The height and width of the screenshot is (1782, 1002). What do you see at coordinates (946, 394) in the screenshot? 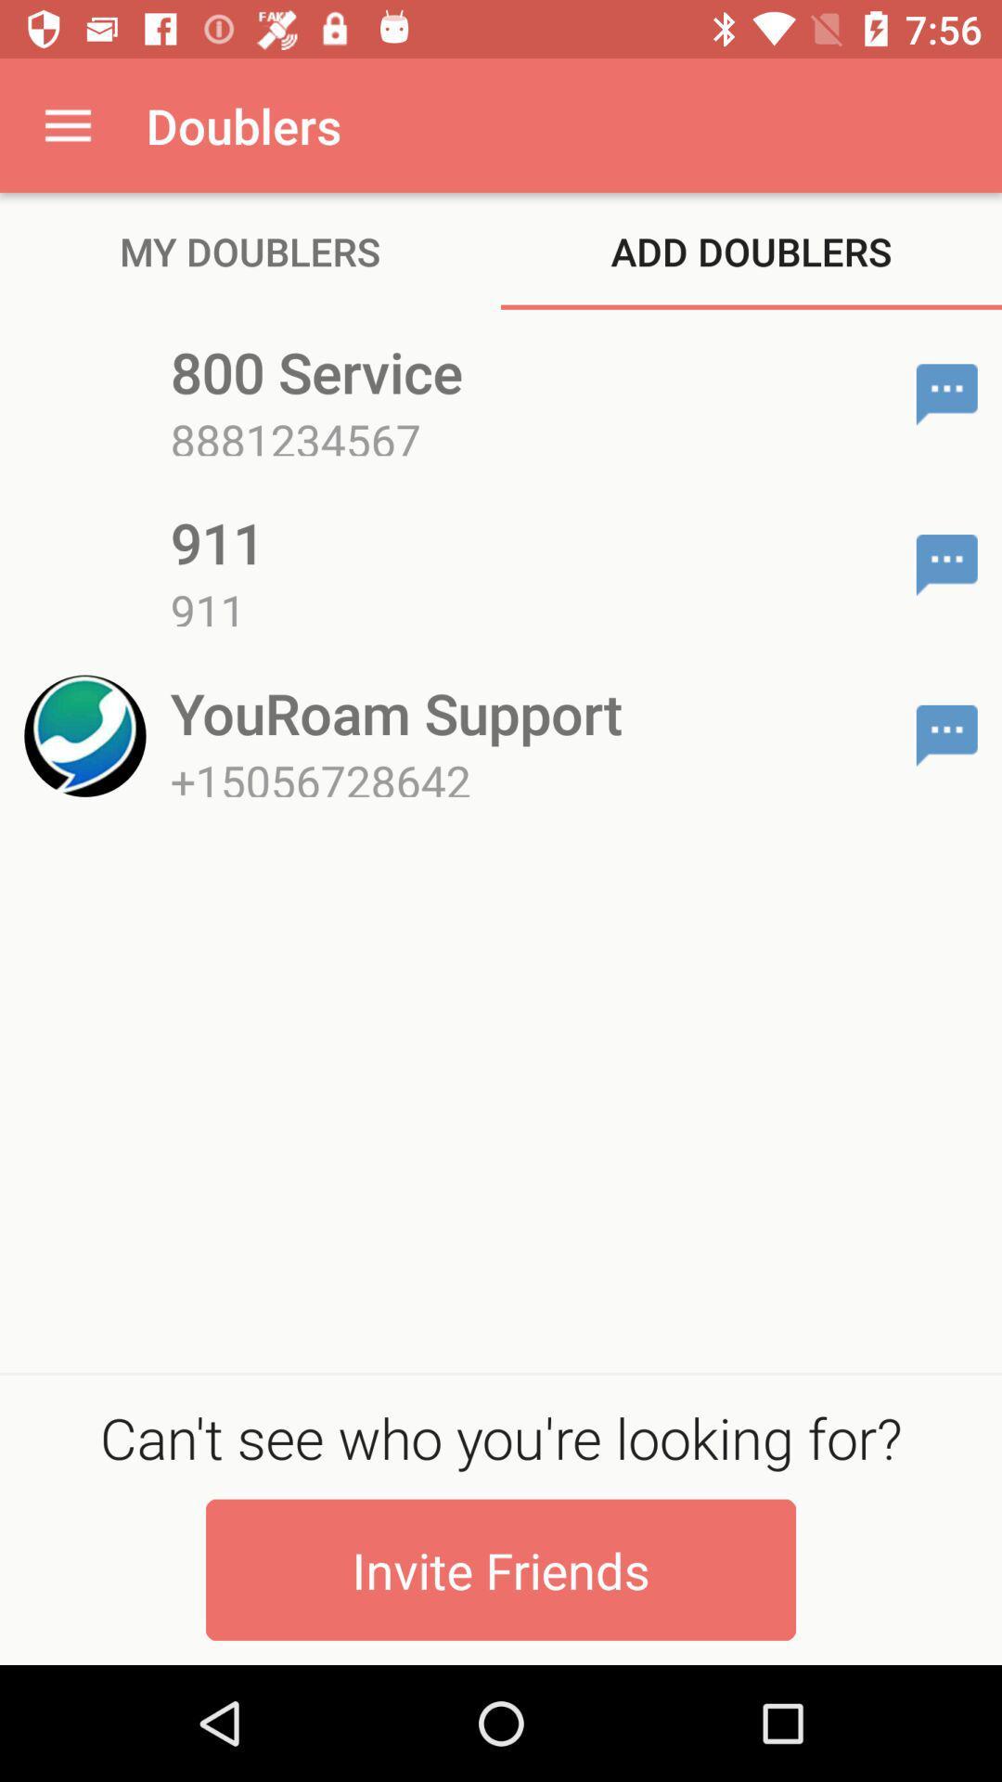
I see `compose message` at bounding box center [946, 394].